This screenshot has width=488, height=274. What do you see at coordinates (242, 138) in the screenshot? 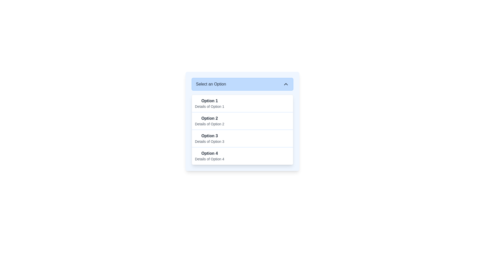
I see `the 'Option 3' list item in the dropdown menu, which is the third item in a vertical list of four options` at bounding box center [242, 138].